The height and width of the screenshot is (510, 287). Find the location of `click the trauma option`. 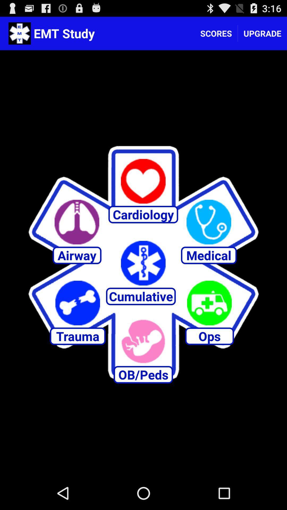

click the trauma option is located at coordinates (78, 303).